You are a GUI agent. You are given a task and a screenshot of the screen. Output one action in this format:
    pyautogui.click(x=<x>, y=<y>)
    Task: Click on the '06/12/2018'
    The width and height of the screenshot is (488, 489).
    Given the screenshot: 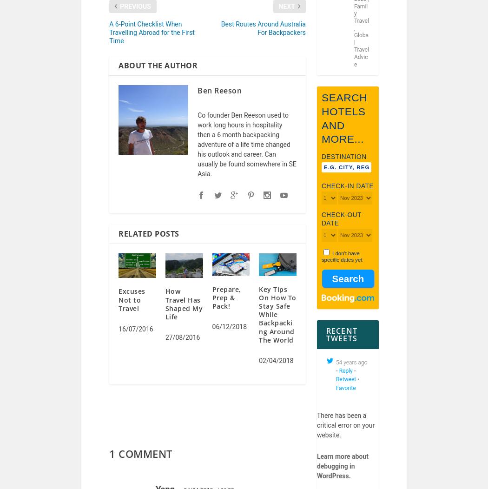 What is the action you would take?
    pyautogui.click(x=229, y=332)
    